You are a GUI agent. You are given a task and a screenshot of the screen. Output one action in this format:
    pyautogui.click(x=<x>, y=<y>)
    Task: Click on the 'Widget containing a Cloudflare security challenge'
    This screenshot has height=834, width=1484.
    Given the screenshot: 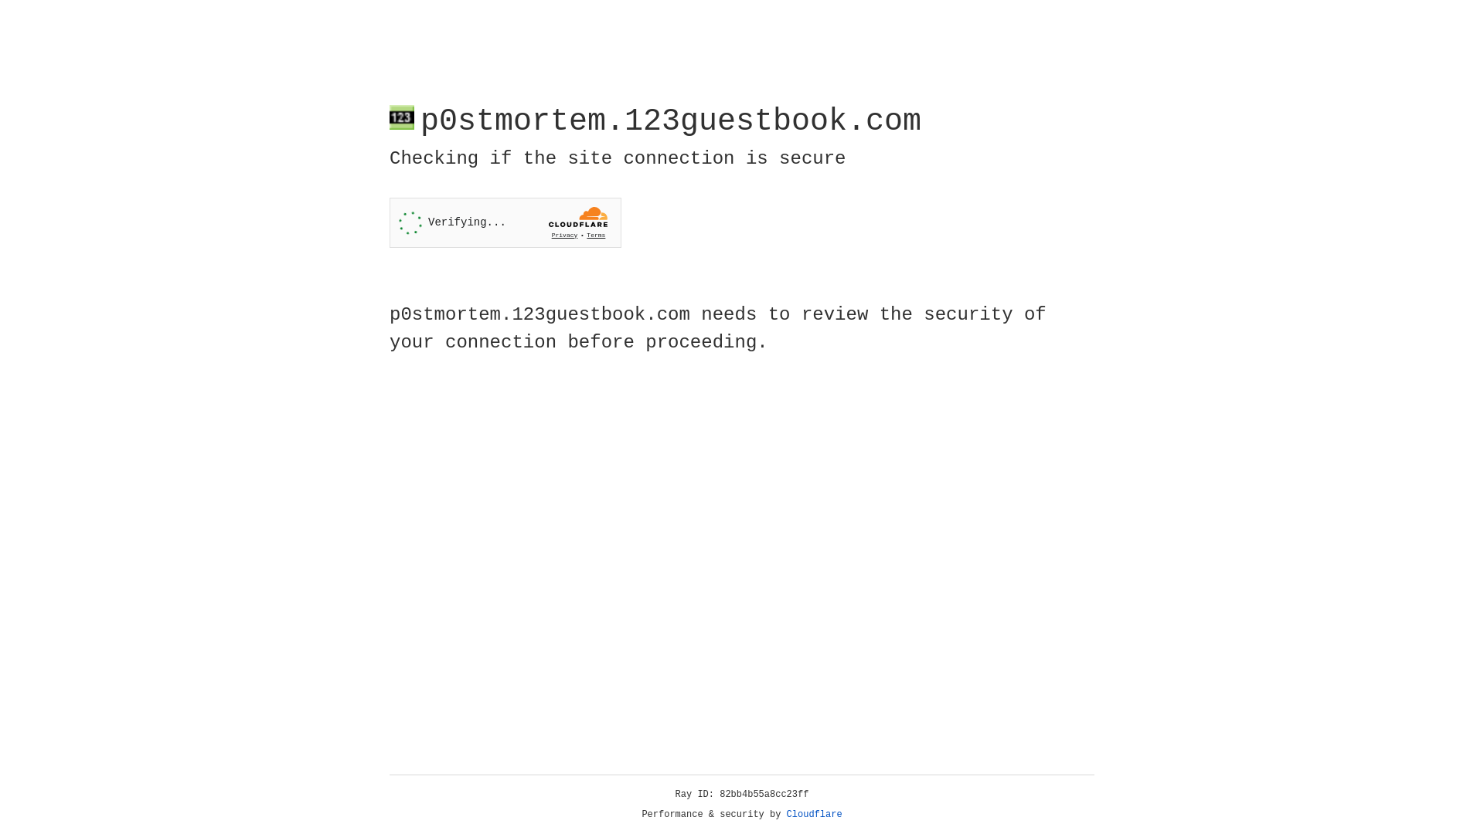 What is the action you would take?
    pyautogui.click(x=505, y=222)
    